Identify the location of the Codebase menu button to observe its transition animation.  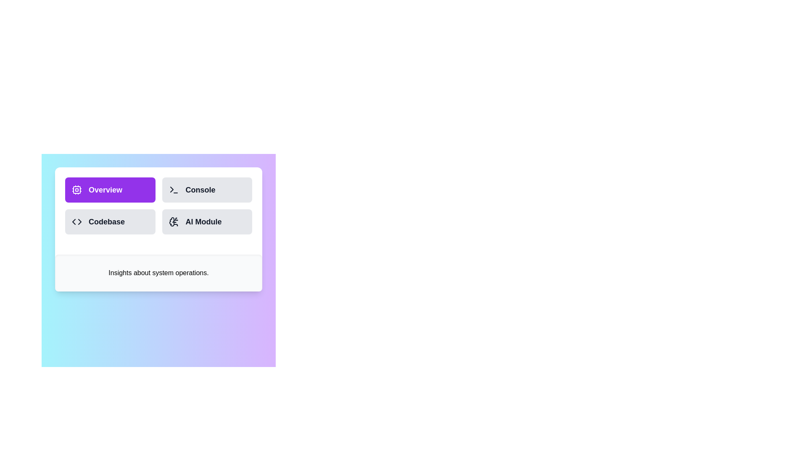
(110, 221).